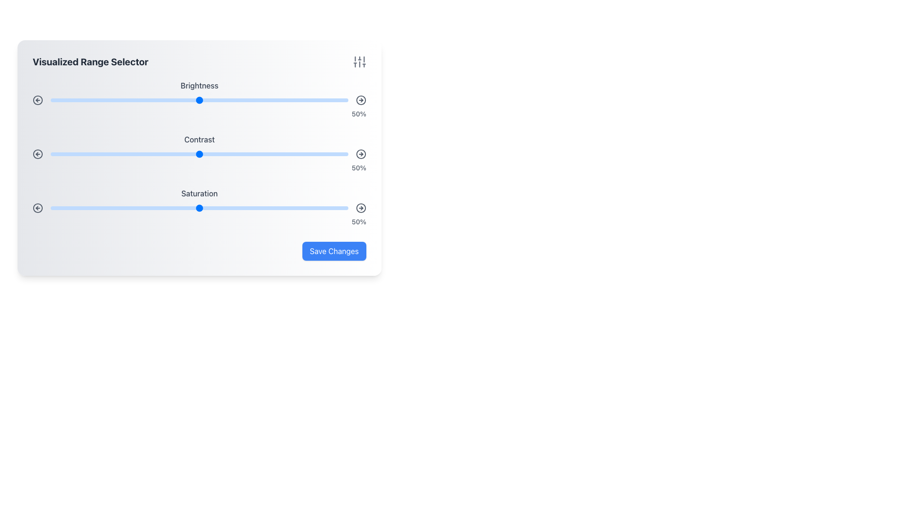  Describe the element at coordinates (95, 154) in the screenshot. I see `contrast` at that location.